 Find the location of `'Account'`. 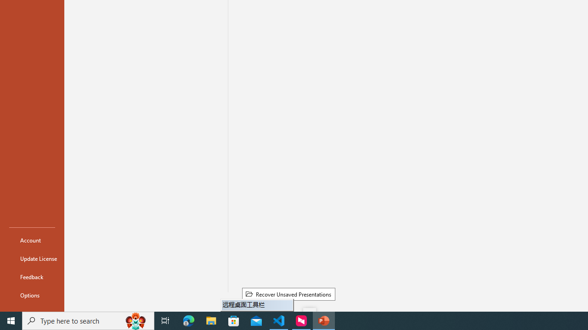

'Account' is located at coordinates (32, 240).